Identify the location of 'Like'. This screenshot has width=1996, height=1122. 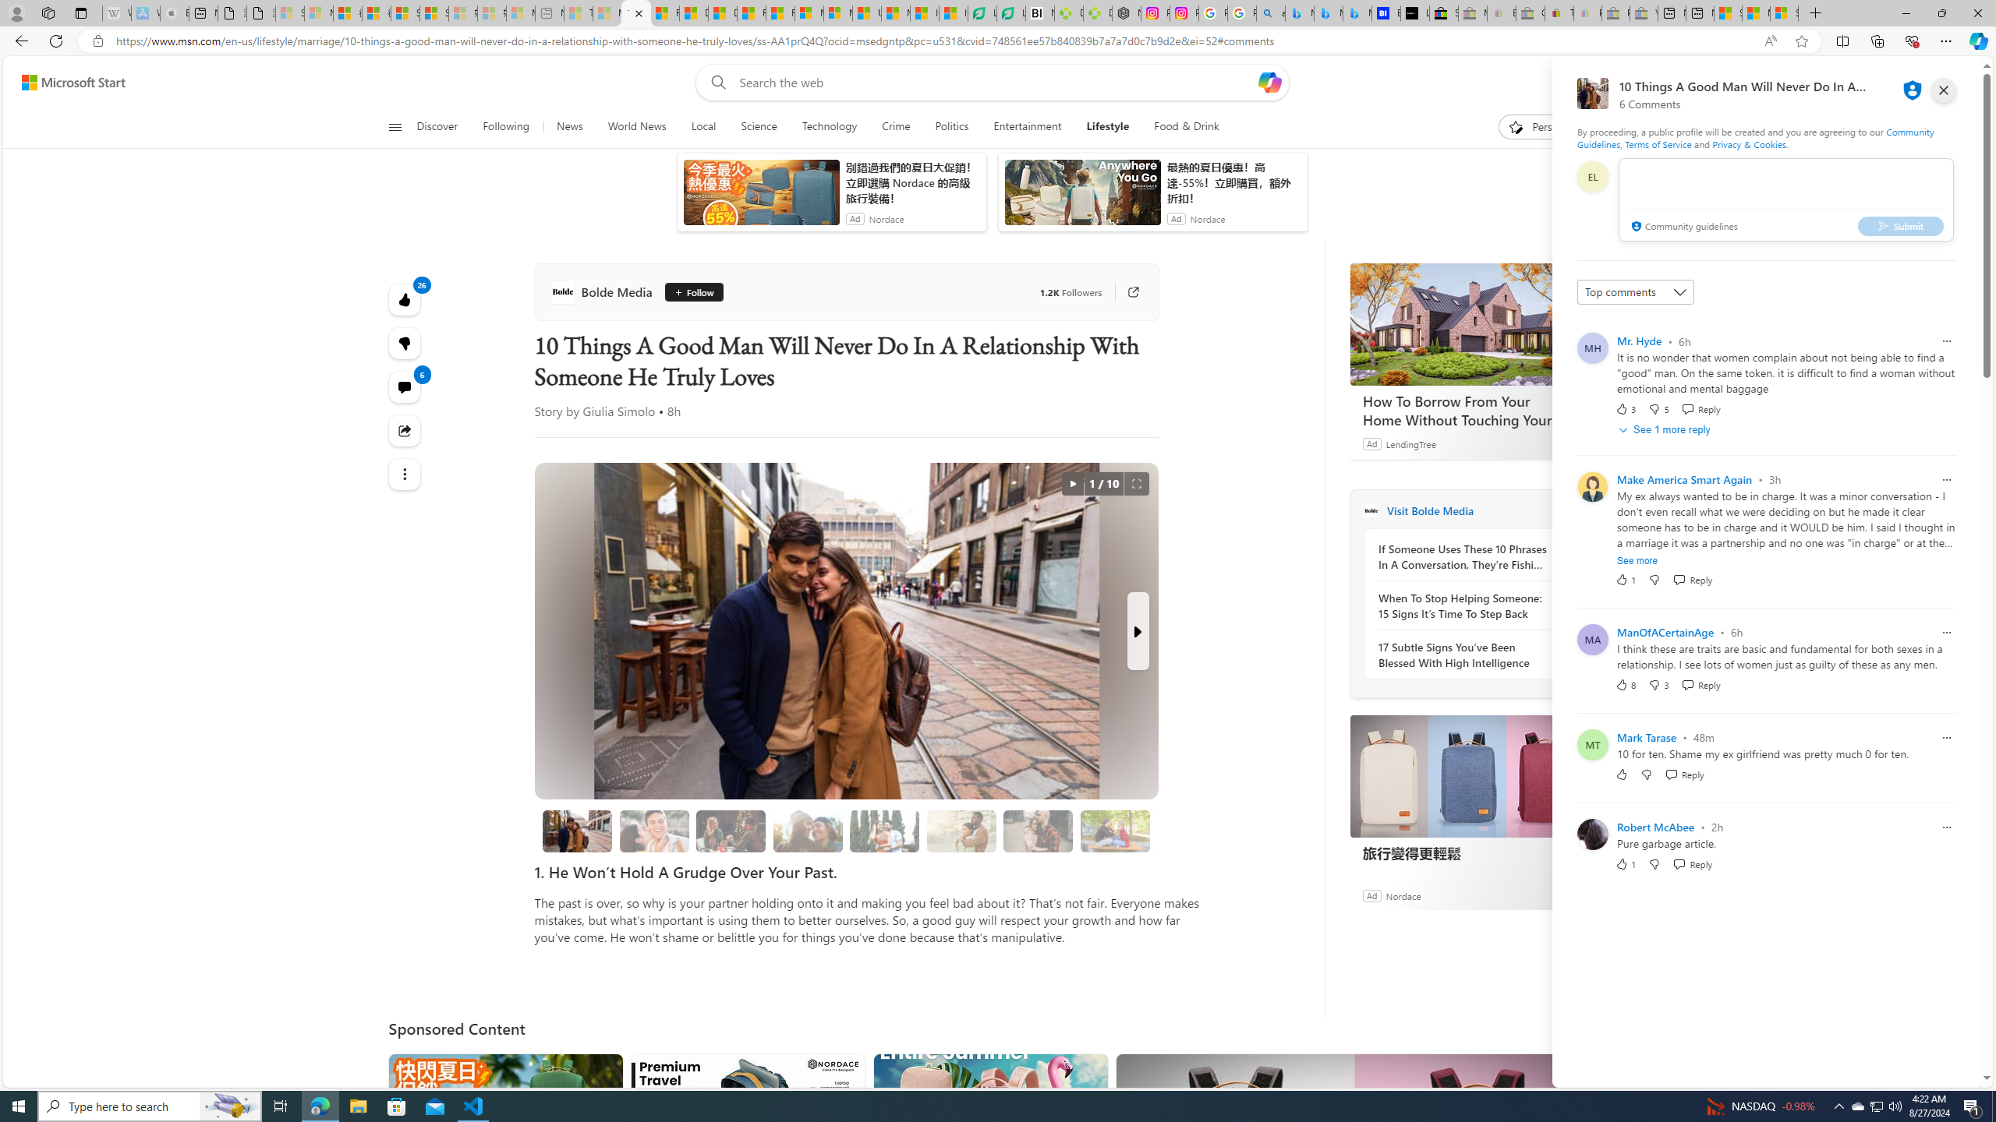
(1621, 773).